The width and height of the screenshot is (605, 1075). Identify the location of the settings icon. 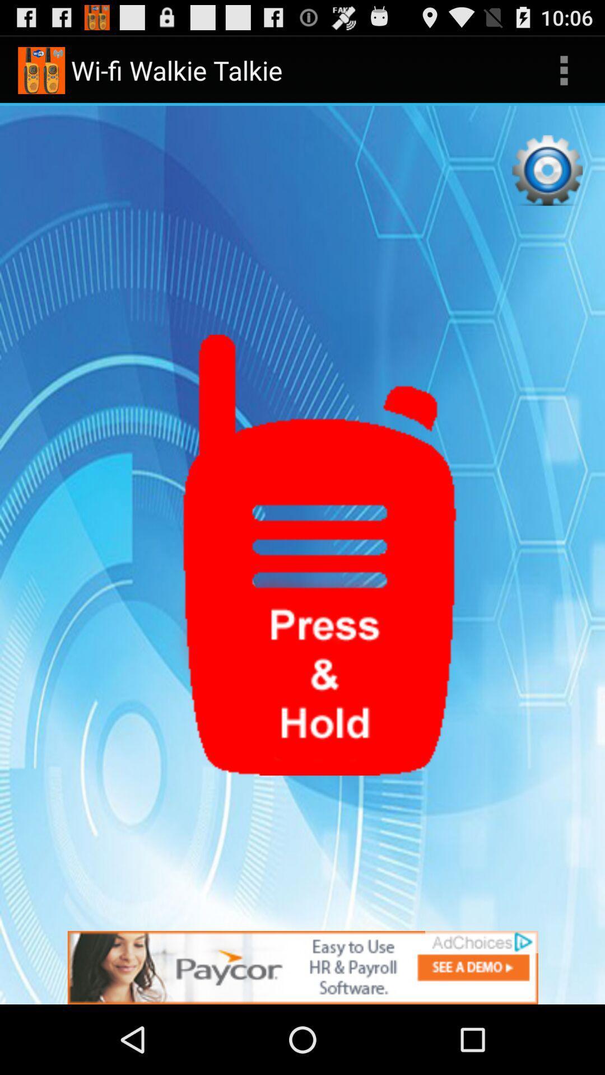
(547, 182).